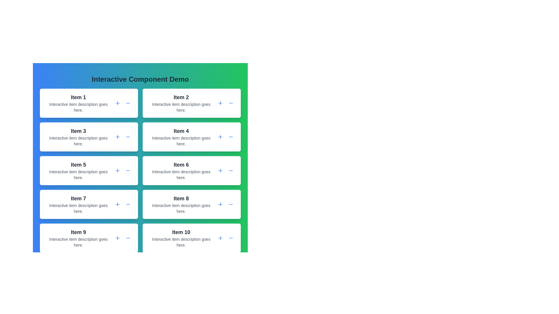 This screenshot has height=314, width=559. Describe the element at coordinates (128, 204) in the screenshot. I see `the decrement button (minus icon) located in the second column and fourth row of the 'Item 7' section to decrease the count associated with it` at that location.